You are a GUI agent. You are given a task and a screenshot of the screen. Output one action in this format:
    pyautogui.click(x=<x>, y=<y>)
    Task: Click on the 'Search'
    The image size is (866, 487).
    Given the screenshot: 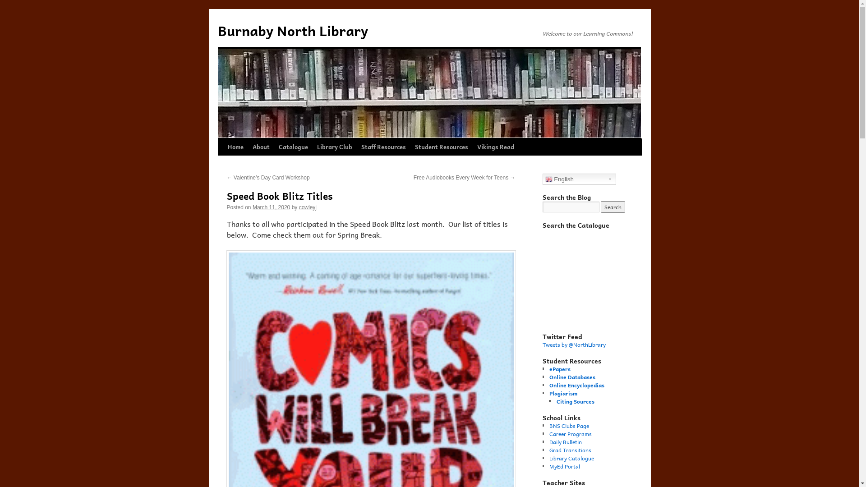 What is the action you would take?
    pyautogui.click(x=613, y=207)
    